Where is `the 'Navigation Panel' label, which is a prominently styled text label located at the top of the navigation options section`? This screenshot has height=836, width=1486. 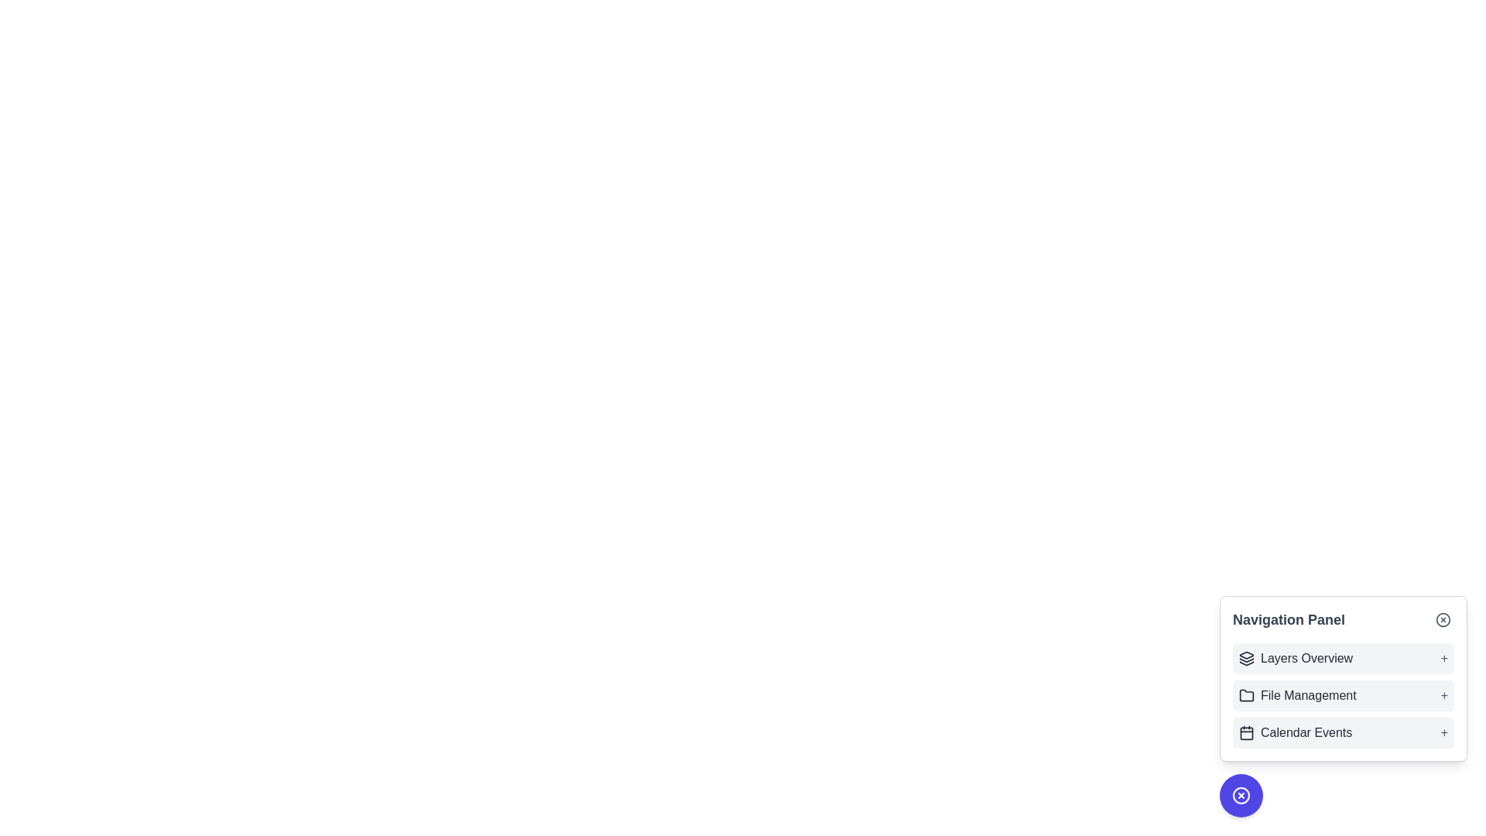 the 'Navigation Panel' label, which is a prominently styled text label located at the top of the navigation options section is located at coordinates (1289, 619).